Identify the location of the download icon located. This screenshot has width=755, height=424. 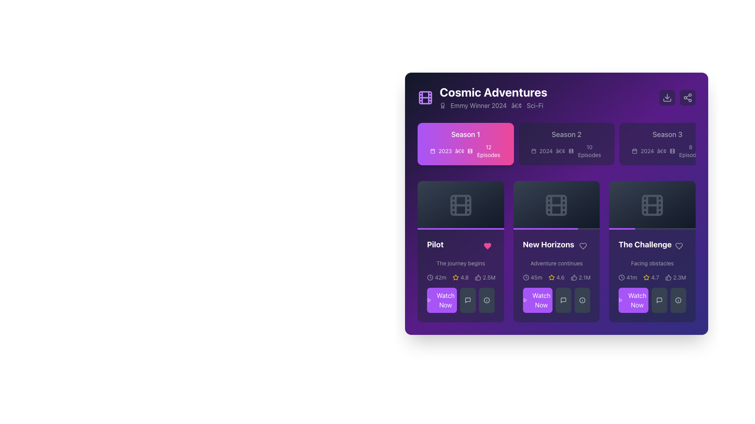
(667, 97).